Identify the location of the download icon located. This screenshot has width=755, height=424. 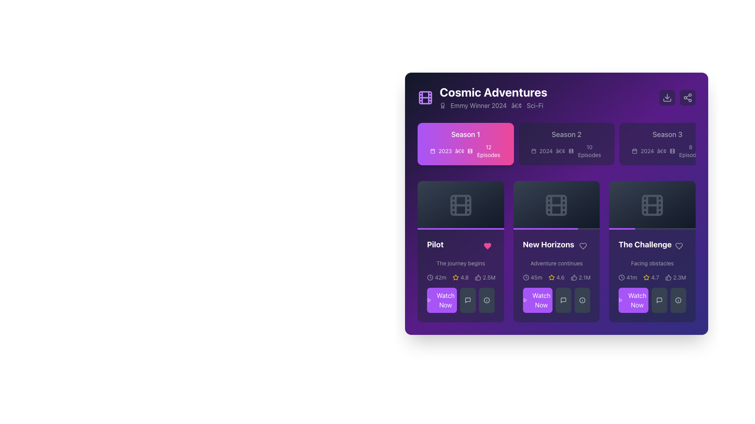
(667, 97).